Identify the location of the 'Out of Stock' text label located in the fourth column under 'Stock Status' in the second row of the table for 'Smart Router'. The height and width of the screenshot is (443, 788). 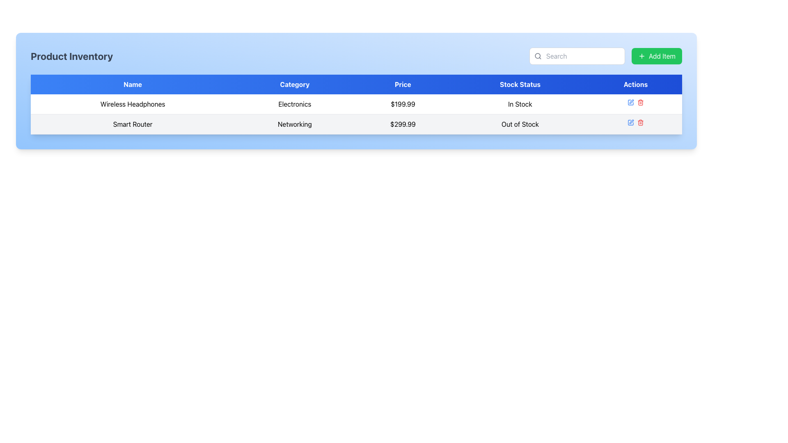
(520, 124).